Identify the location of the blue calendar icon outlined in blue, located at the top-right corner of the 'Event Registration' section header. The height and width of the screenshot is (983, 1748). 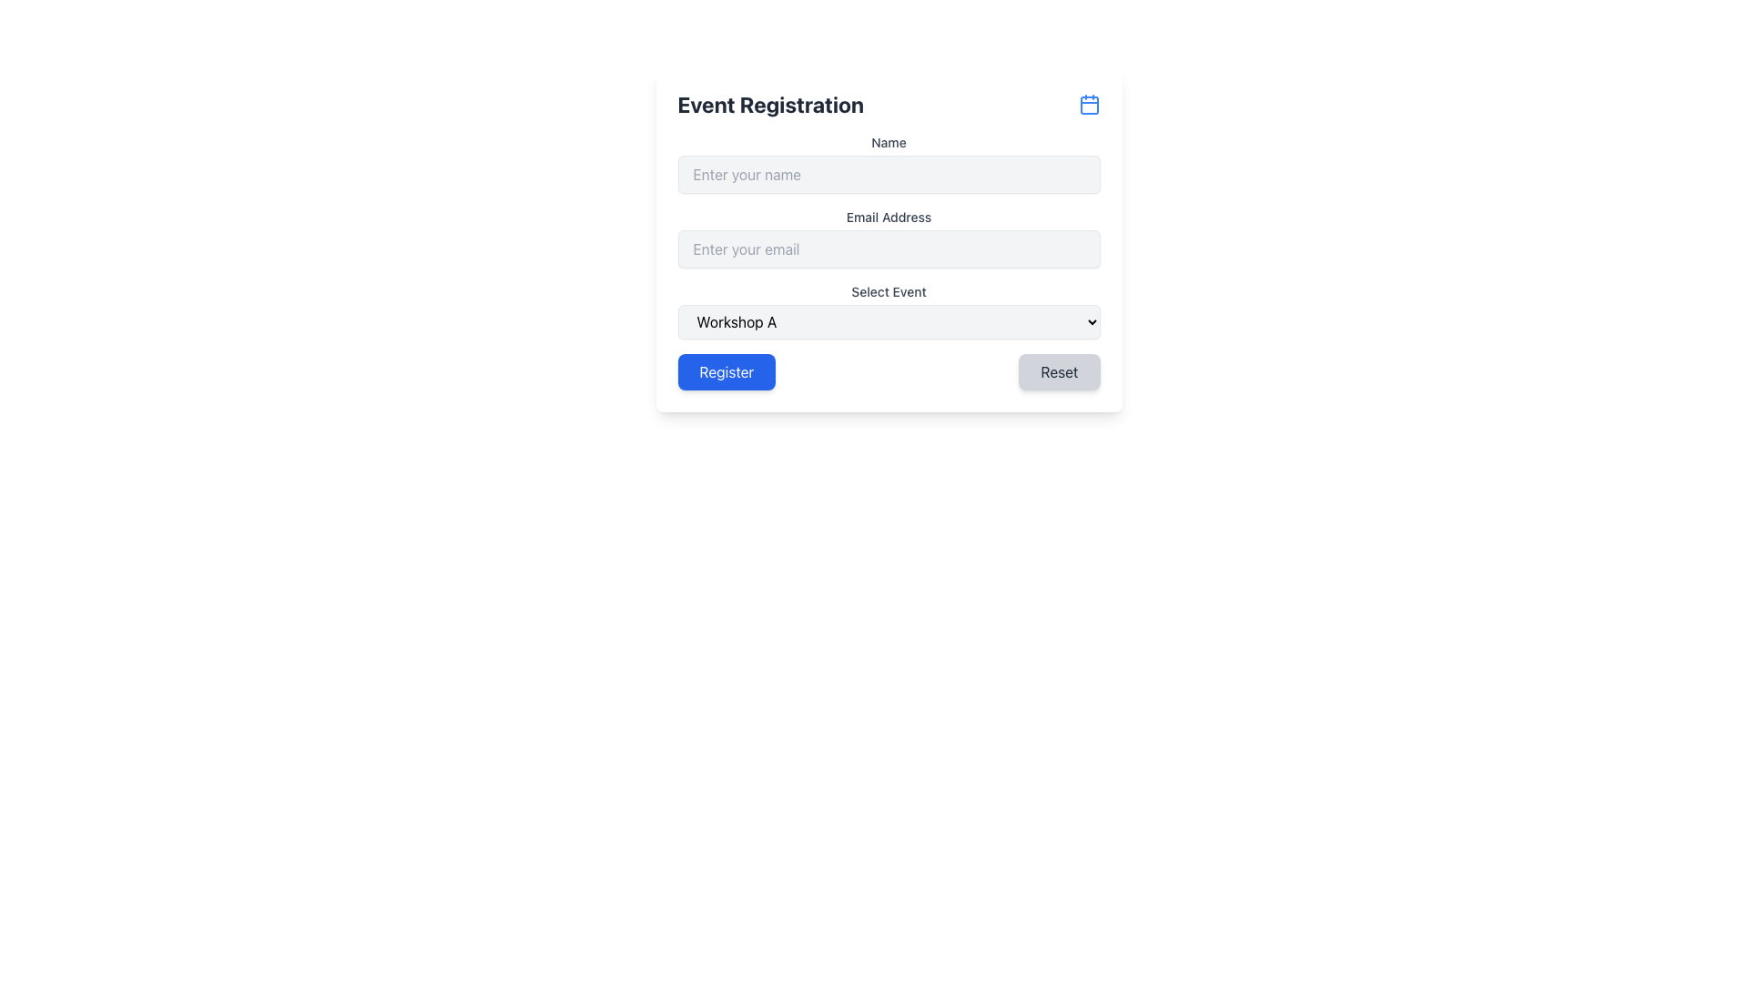
(1089, 105).